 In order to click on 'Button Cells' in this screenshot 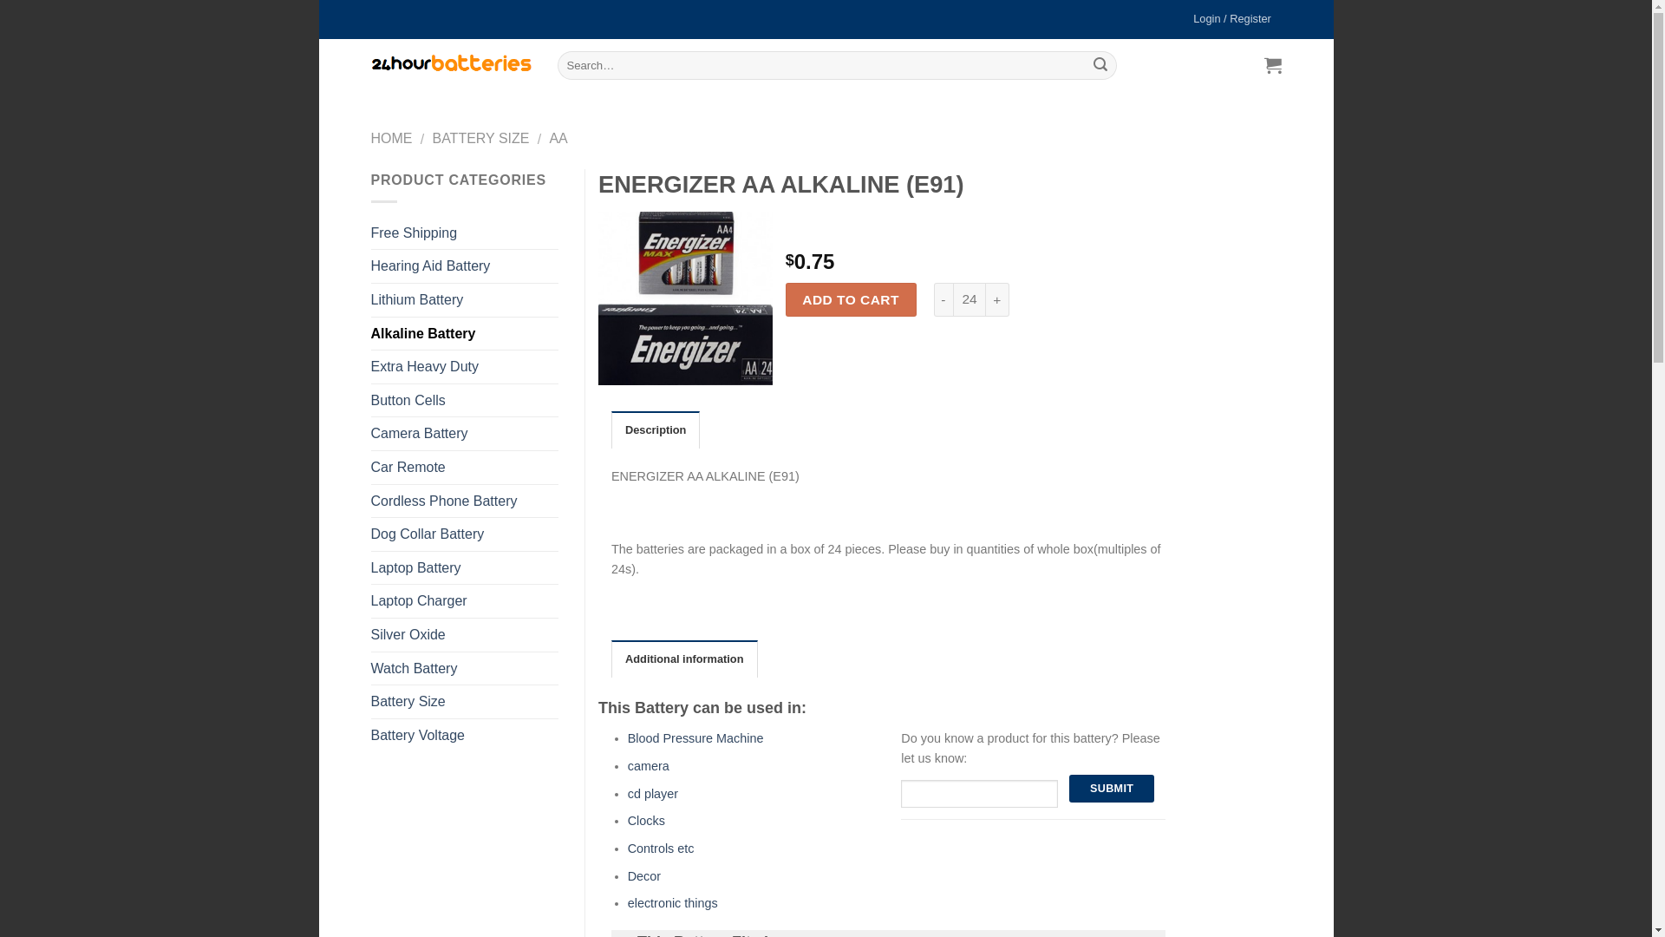, I will do `click(465, 401)`.